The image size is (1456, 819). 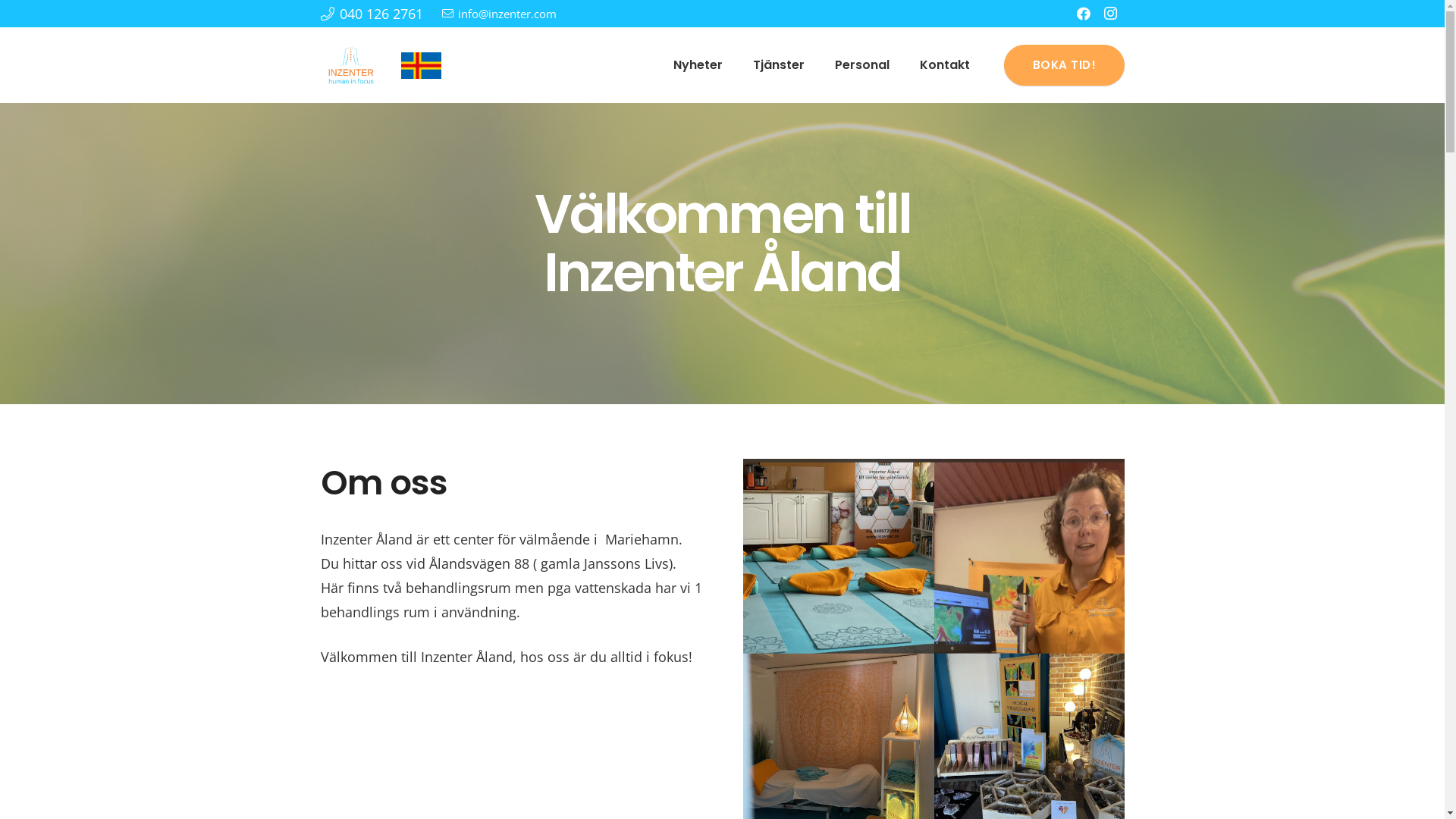 What do you see at coordinates (862, 64) in the screenshot?
I see `'Personal'` at bounding box center [862, 64].